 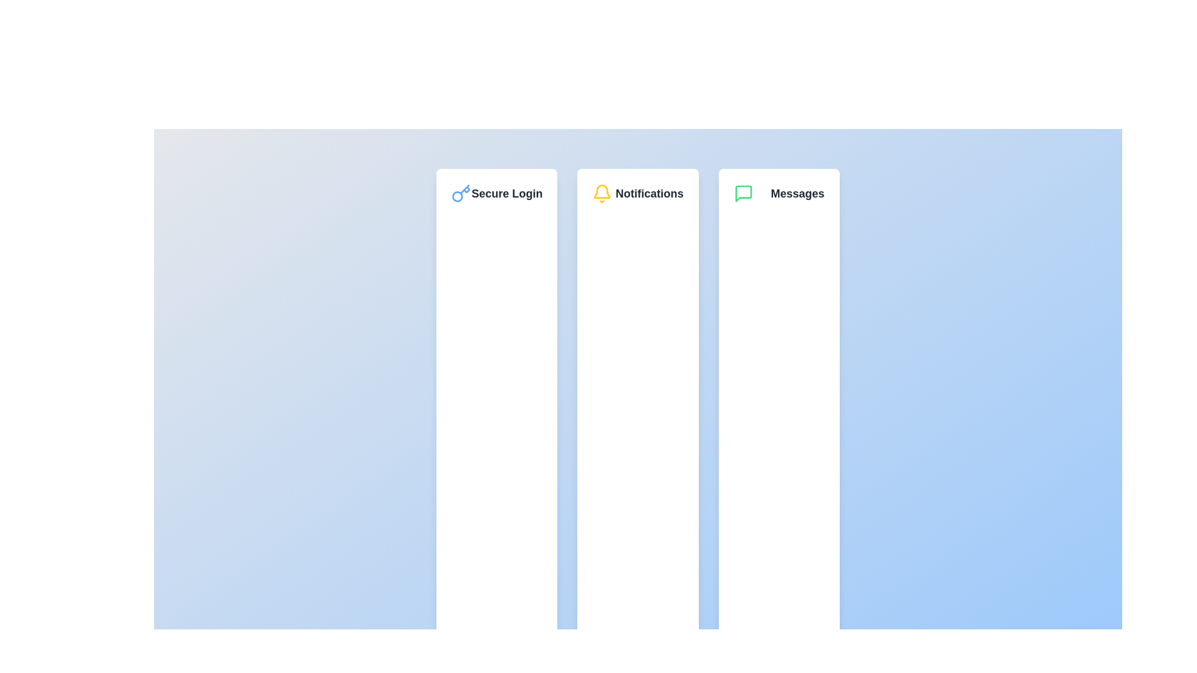 What do you see at coordinates (457, 196) in the screenshot?
I see `the central circle shape within the key icon of the 'Secure Login' section` at bounding box center [457, 196].